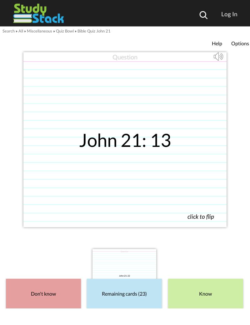  Describe the element at coordinates (78, 139) in the screenshot. I see `'John 21: 13'` at that location.